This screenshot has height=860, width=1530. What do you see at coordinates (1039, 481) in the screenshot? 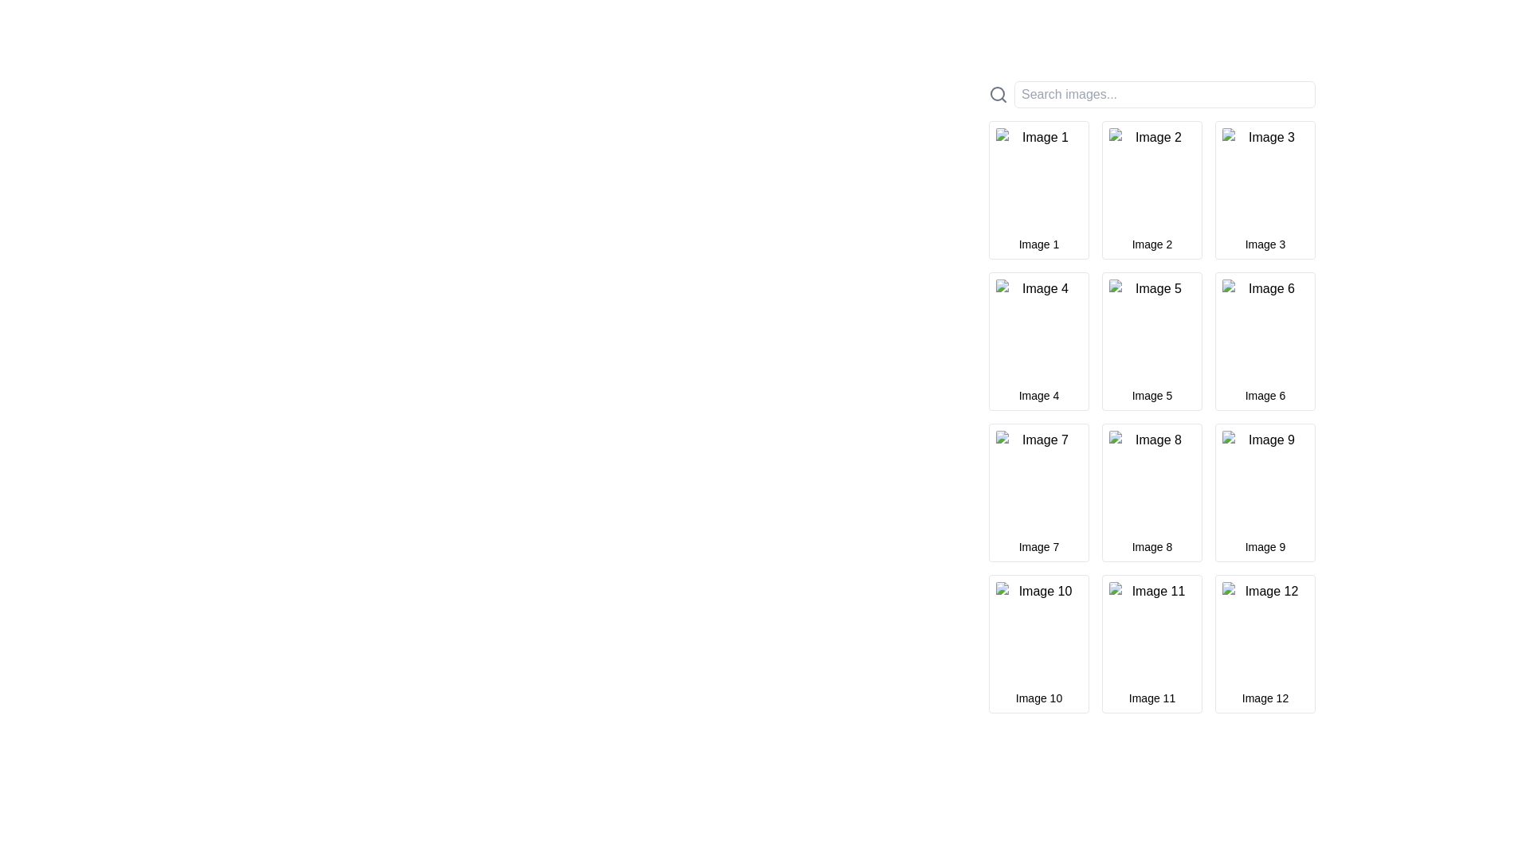
I see `the image thumbnail representing 'Image 7'` at bounding box center [1039, 481].